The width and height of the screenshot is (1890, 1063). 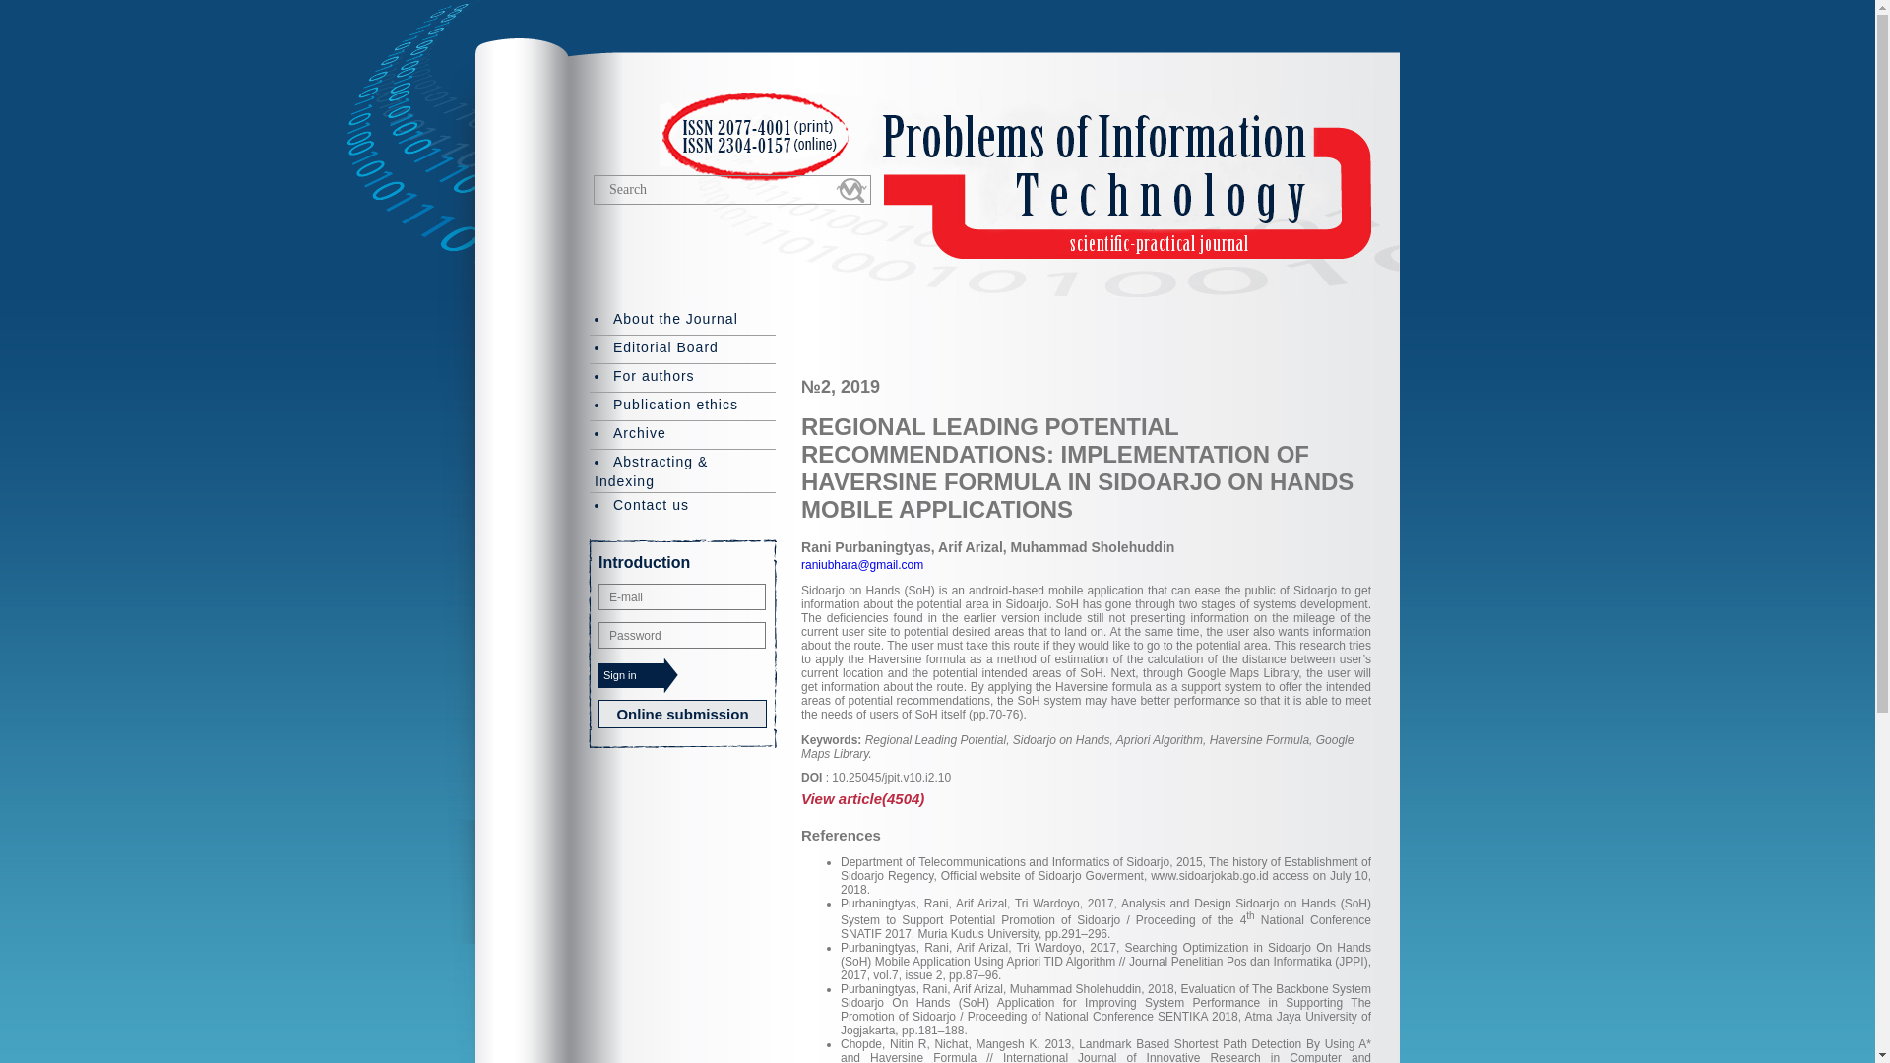 I want to click on 'Contact us', so click(x=682, y=504).